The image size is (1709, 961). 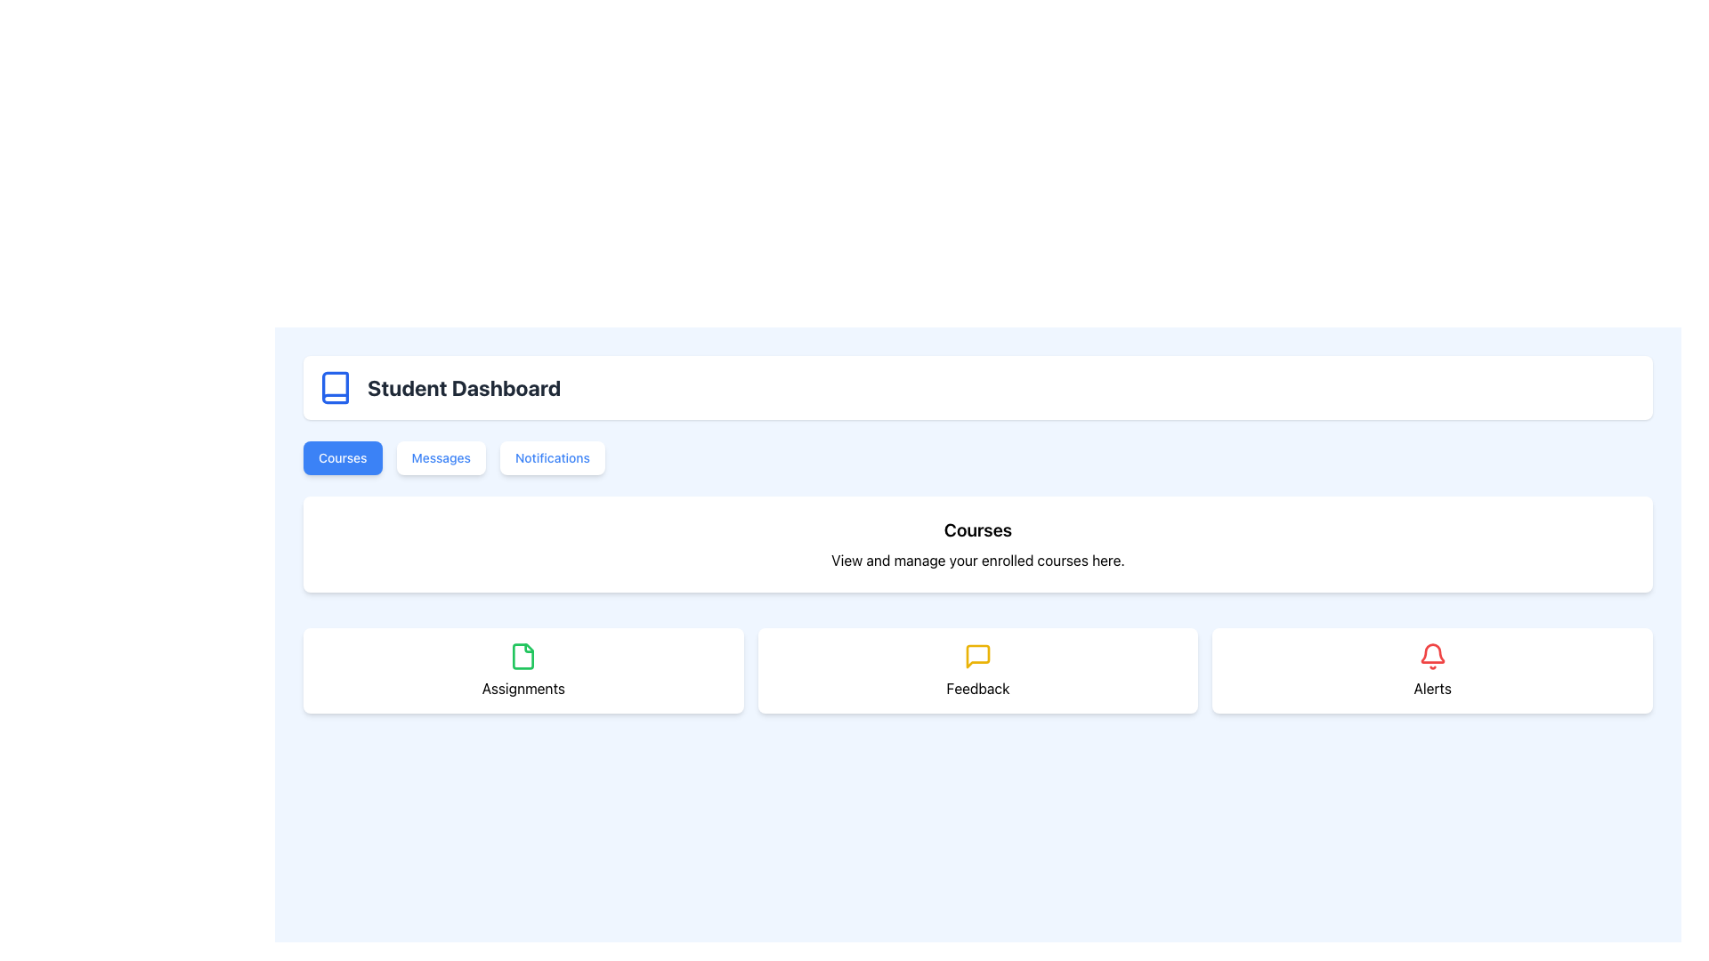 What do you see at coordinates (464, 386) in the screenshot?
I see `the text label indicating the student dashboard, which is positioned to the right of a blue book icon in a horizontal layout within a white rectangular box` at bounding box center [464, 386].